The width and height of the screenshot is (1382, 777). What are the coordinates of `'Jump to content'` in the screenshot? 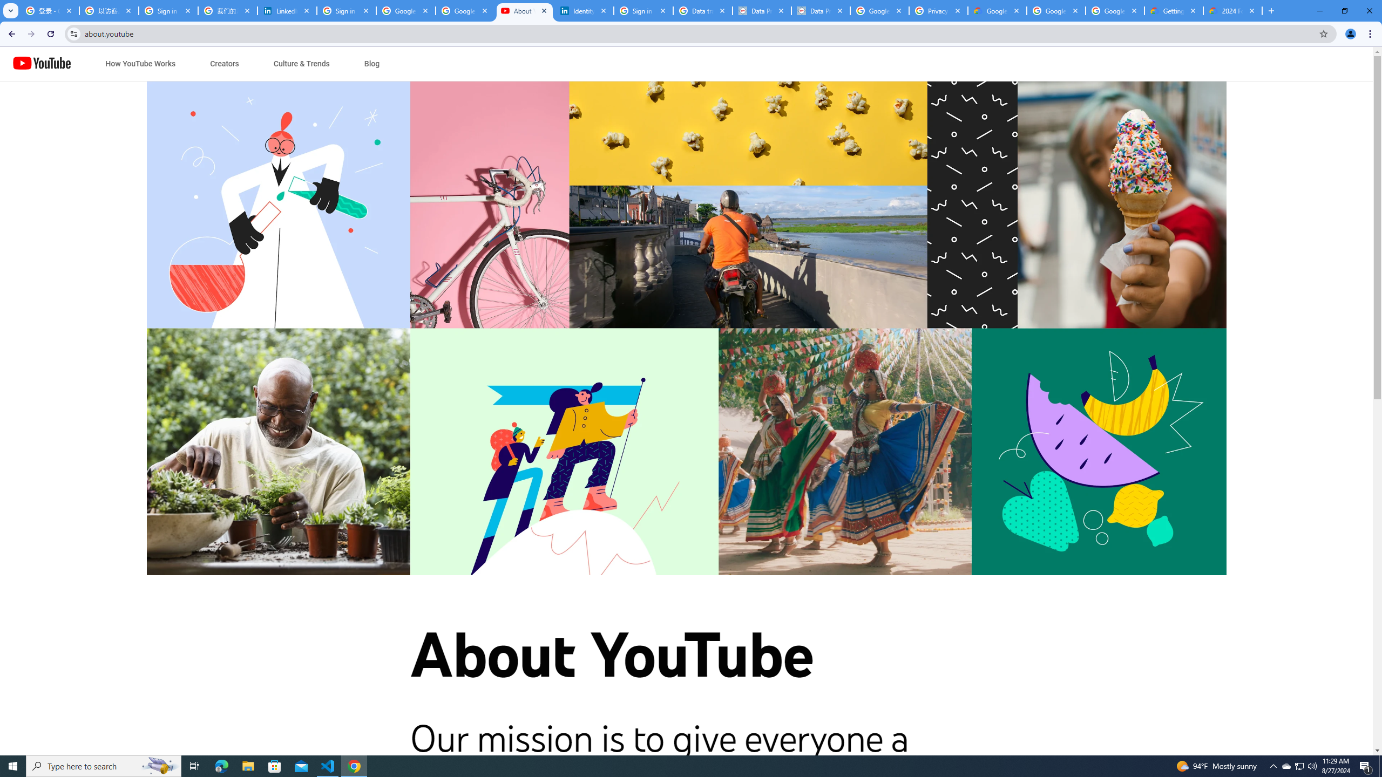 It's located at (100, 64).